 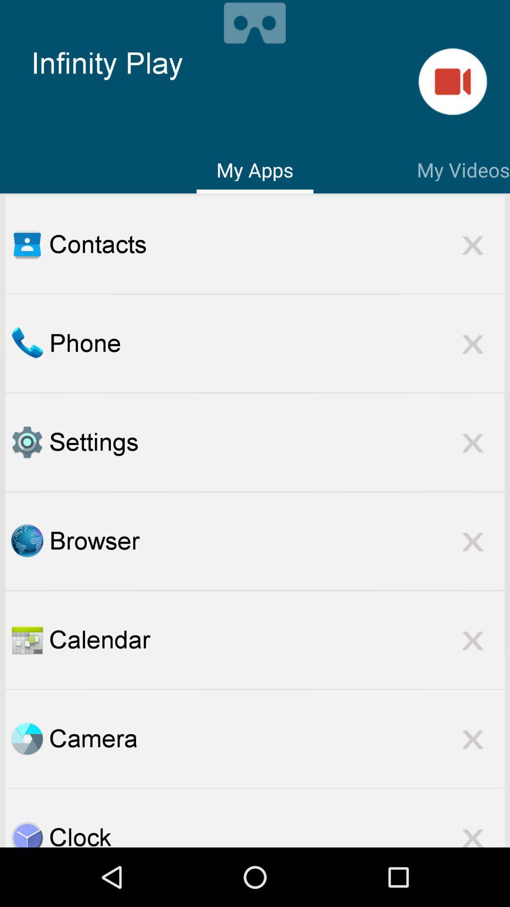 What do you see at coordinates (463, 168) in the screenshot?
I see `item to the right of my apps icon` at bounding box center [463, 168].